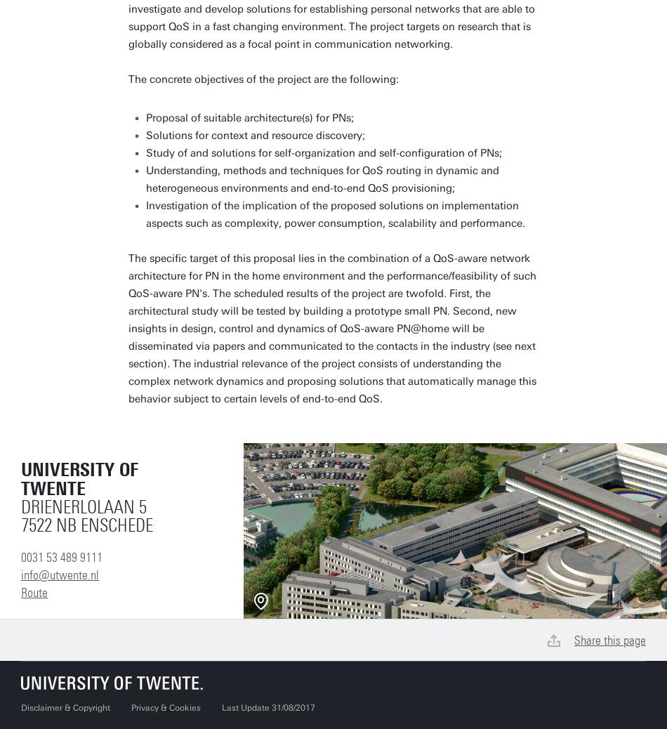  I want to click on 'Privacy & Cookies', so click(166, 708).